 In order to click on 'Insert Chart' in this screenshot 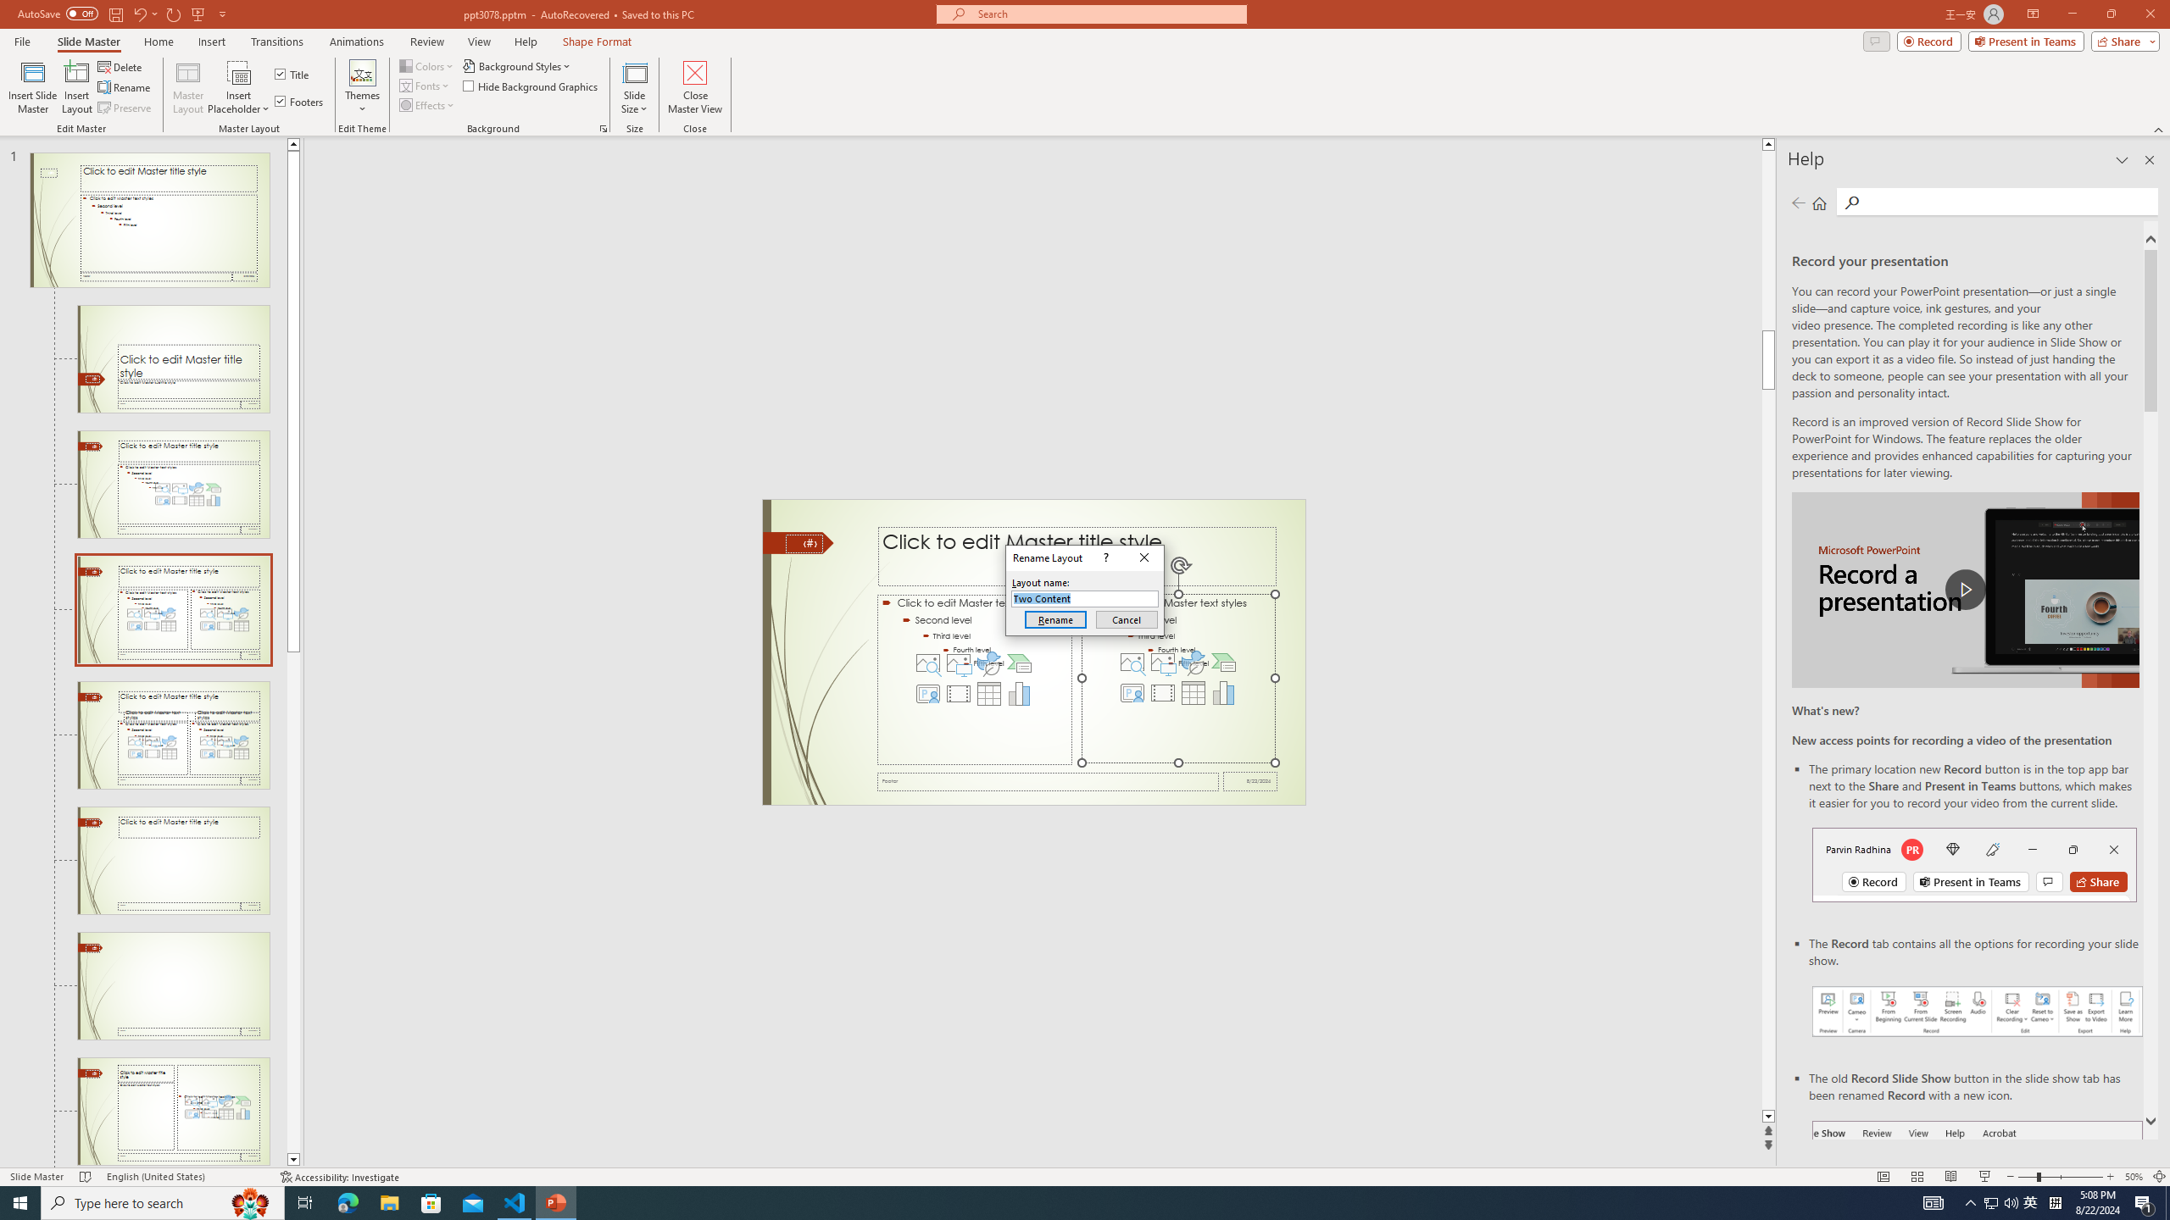, I will do `click(1223, 691)`.